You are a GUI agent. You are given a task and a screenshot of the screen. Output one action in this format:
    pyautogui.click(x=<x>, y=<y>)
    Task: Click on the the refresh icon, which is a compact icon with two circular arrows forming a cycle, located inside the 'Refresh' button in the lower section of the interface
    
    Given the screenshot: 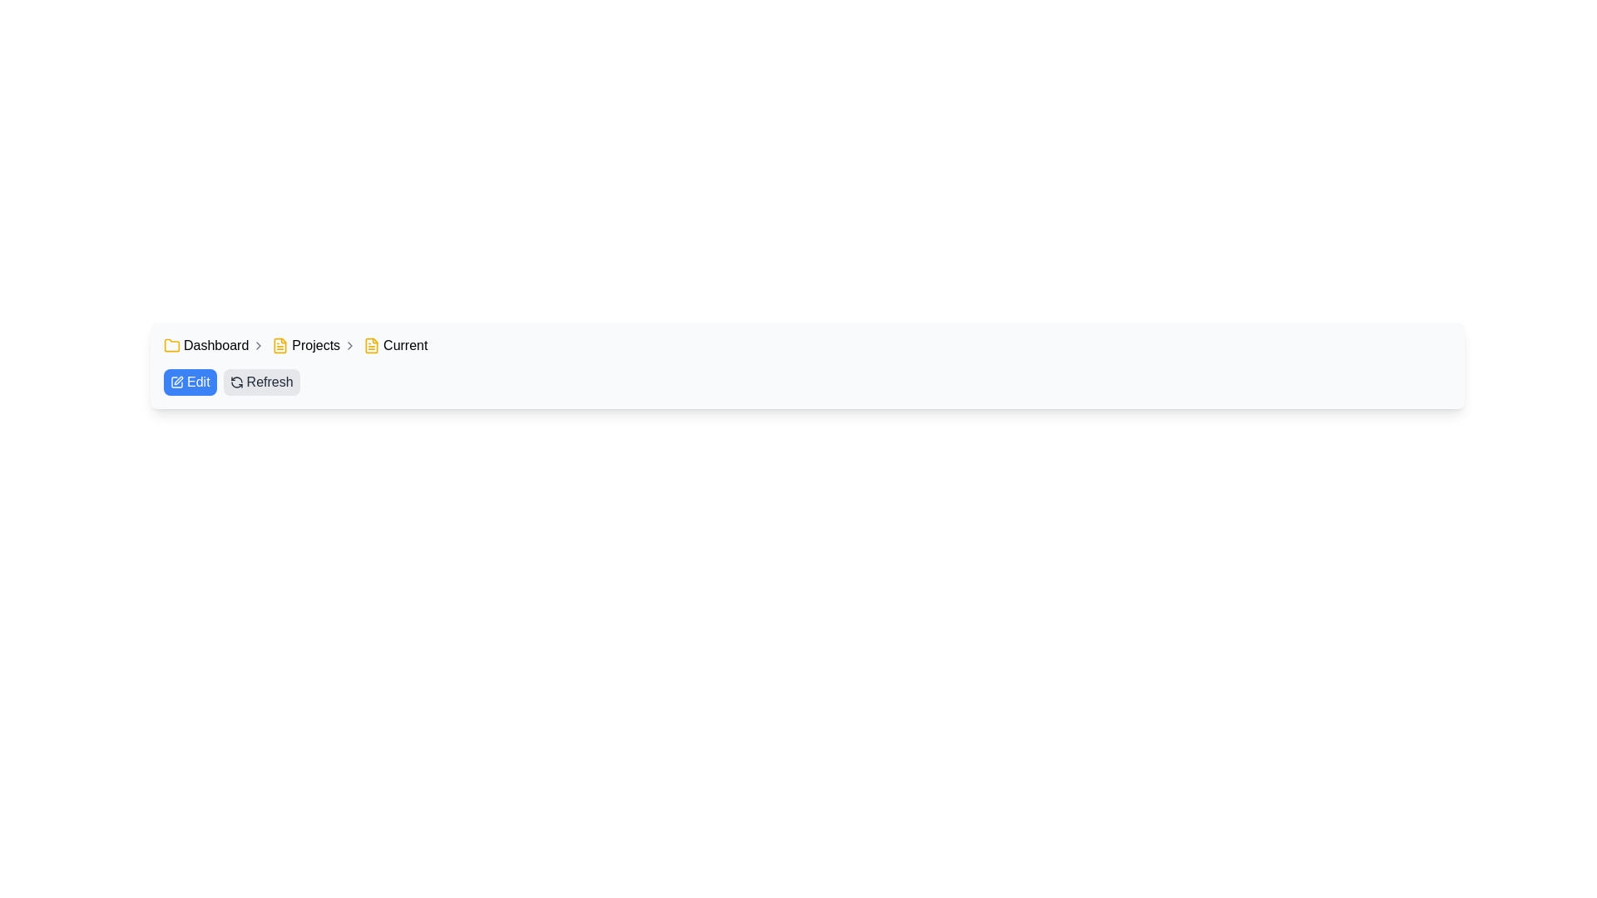 What is the action you would take?
    pyautogui.click(x=235, y=382)
    